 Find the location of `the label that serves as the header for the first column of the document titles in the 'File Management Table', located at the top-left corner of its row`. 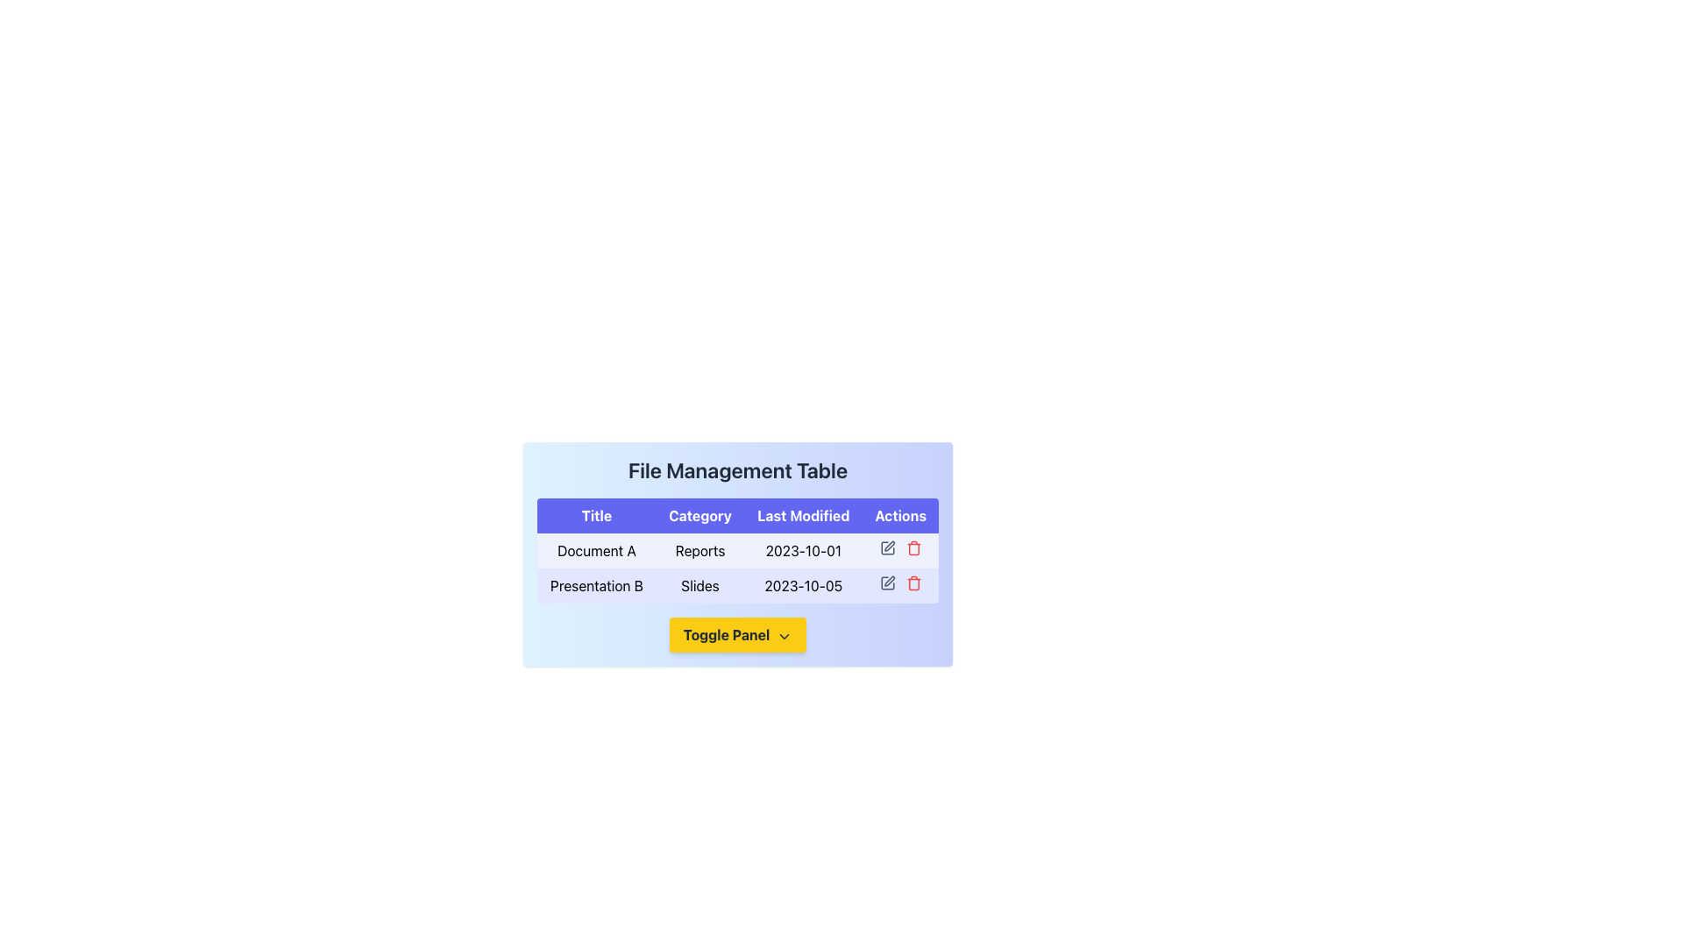

the label that serves as the header for the first column of the document titles in the 'File Management Table', located at the top-left corner of its row is located at coordinates (597, 515).